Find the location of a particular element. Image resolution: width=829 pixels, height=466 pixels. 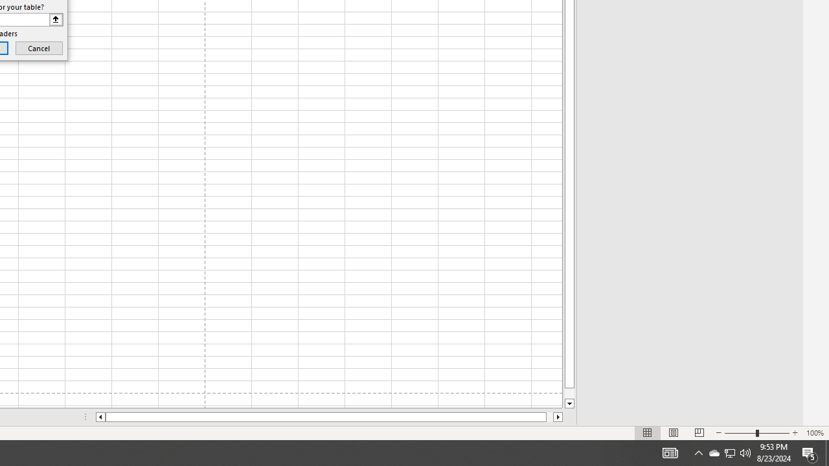

'Zoom' is located at coordinates (756, 433).